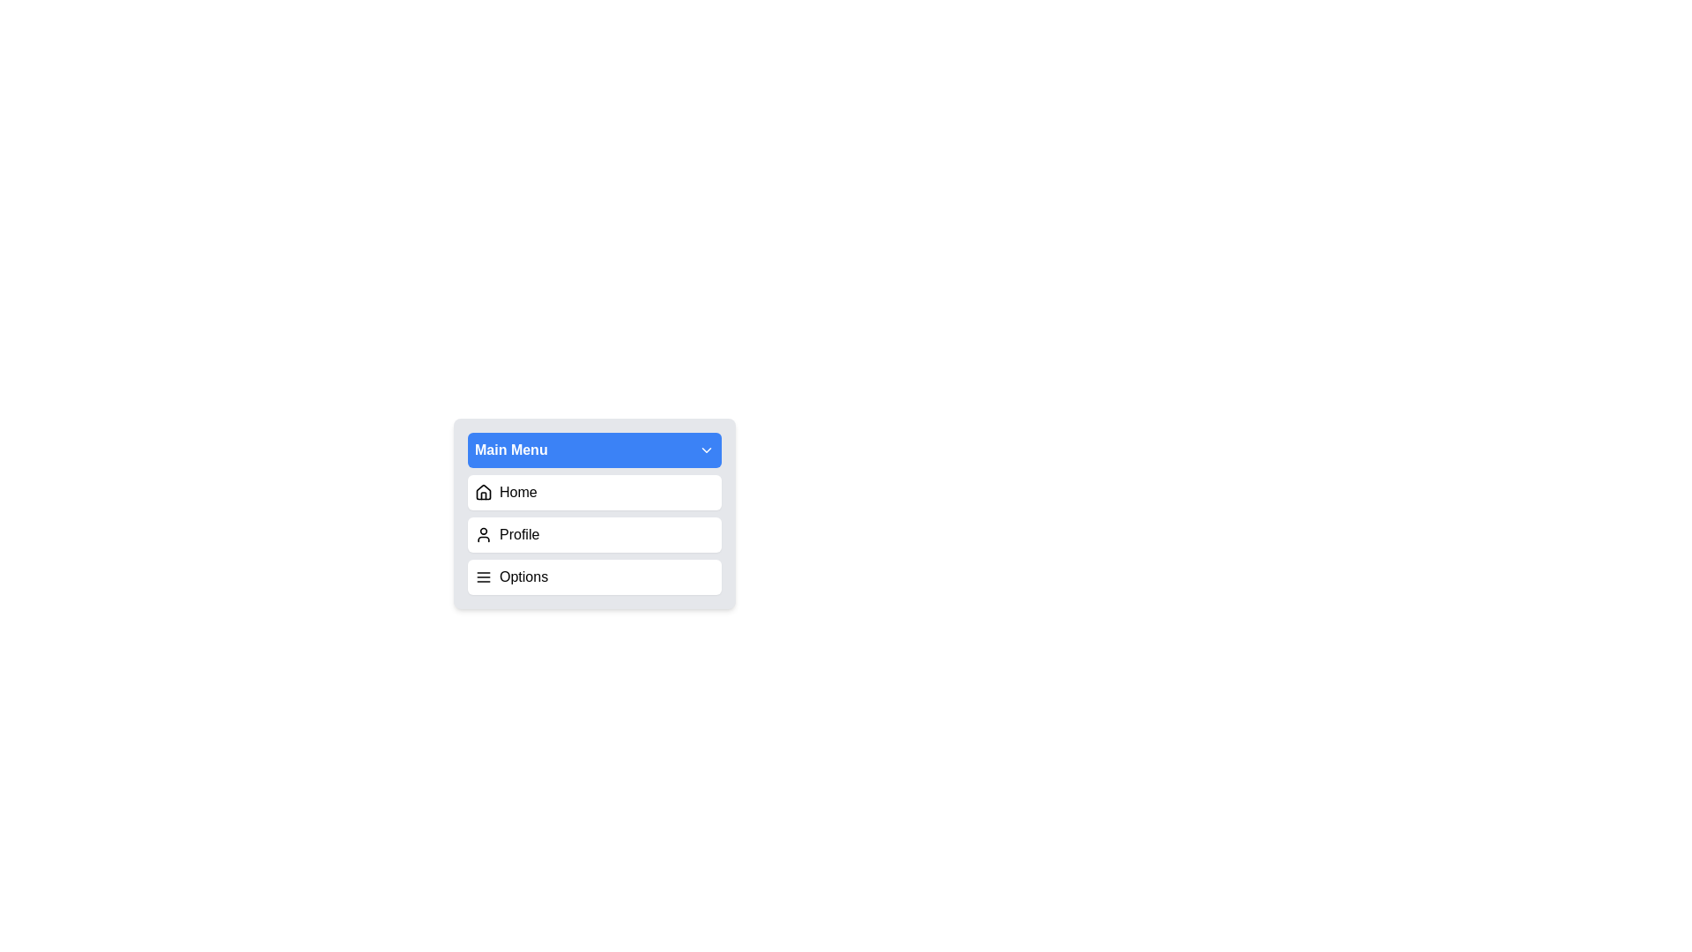 The width and height of the screenshot is (1692, 952). Describe the element at coordinates (595, 513) in the screenshot. I see `the 'Profile' button in the 'Main Menu'` at that location.